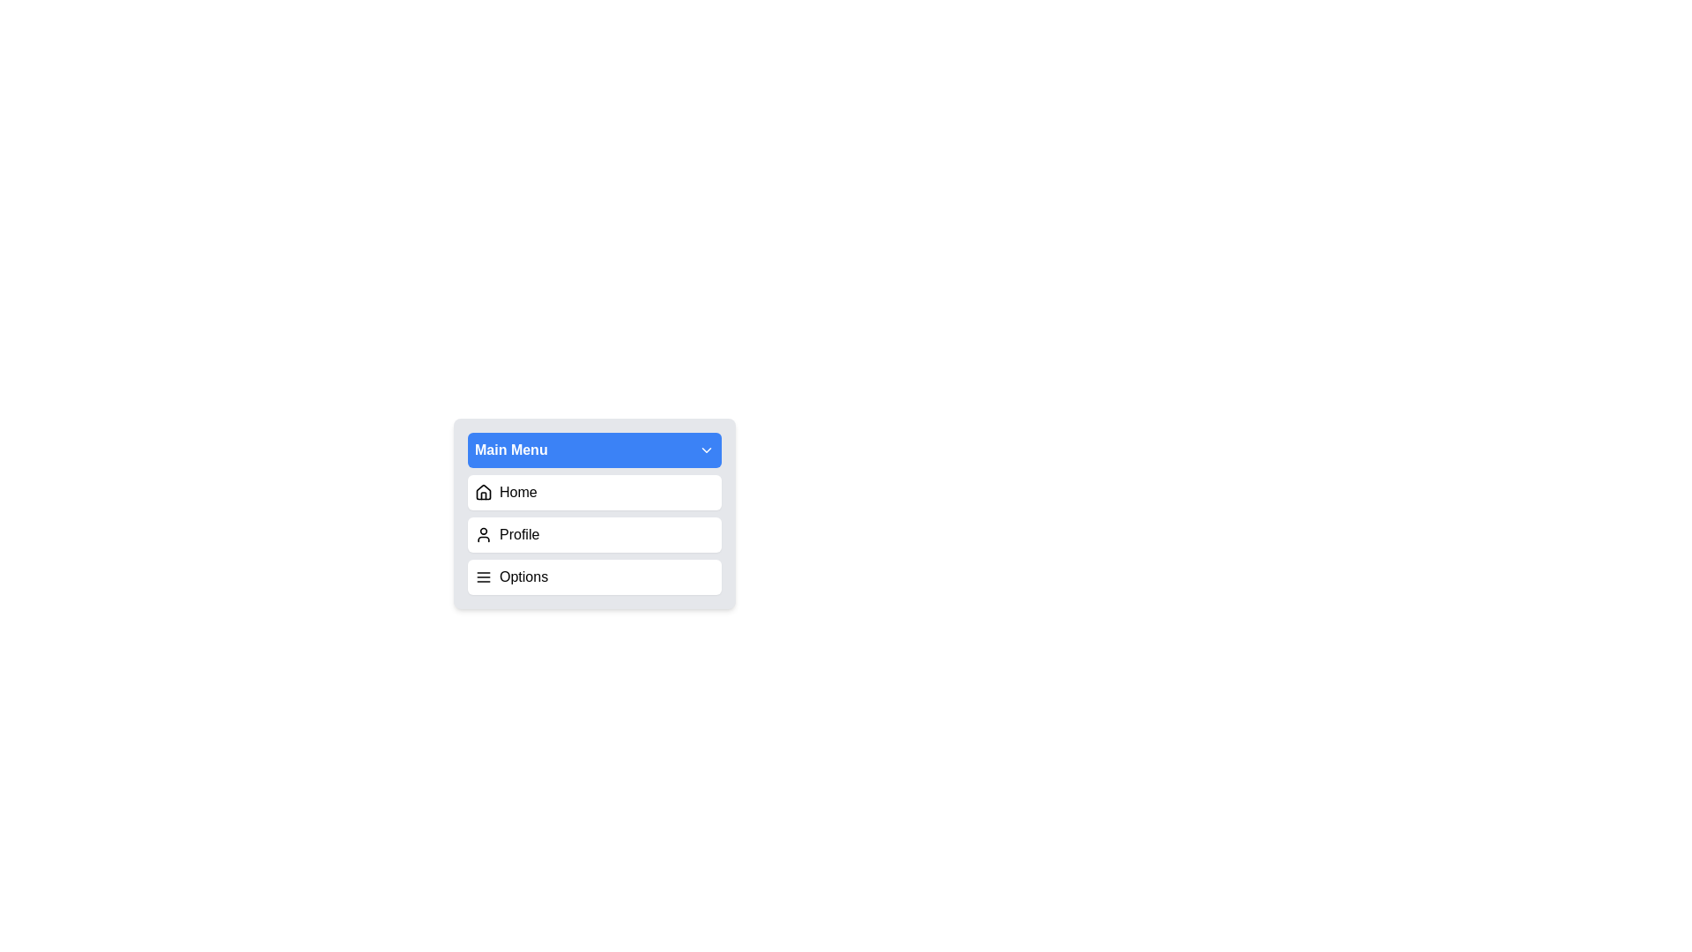 The width and height of the screenshot is (1692, 952). Describe the element at coordinates (595, 513) in the screenshot. I see `the 'Profile' button in the 'Main Menu'` at that location.